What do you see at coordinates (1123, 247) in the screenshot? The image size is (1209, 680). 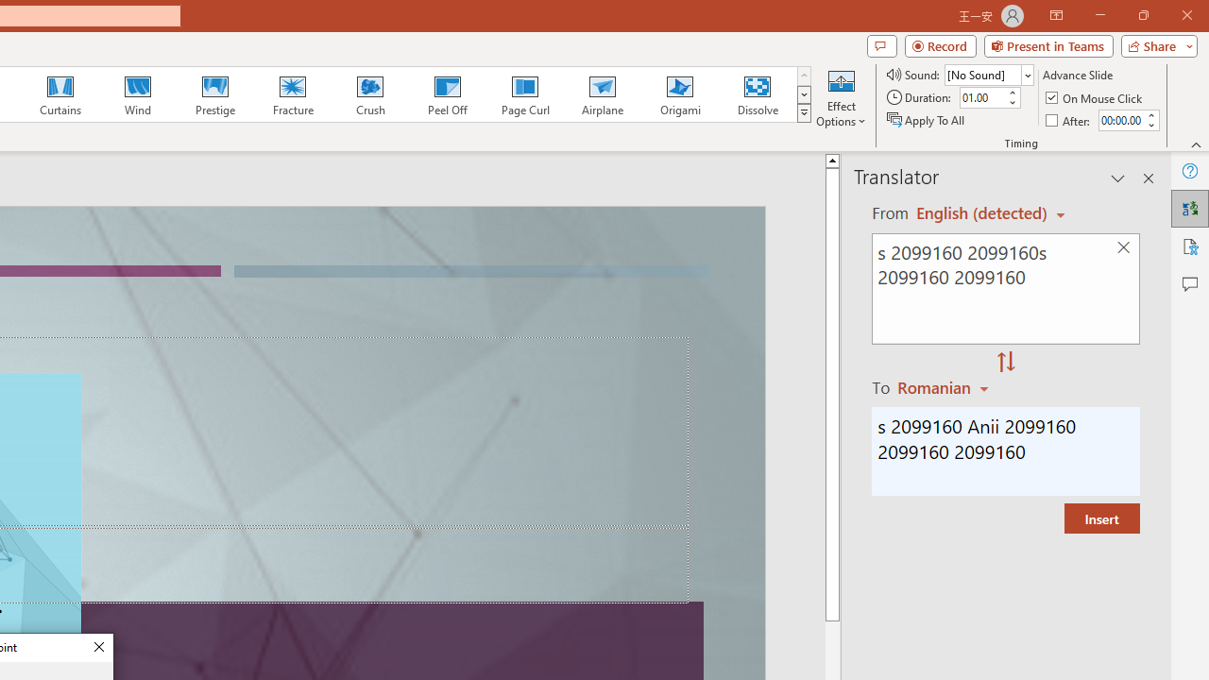 I see `'Clear text'` at bounding box center [1123, 247].